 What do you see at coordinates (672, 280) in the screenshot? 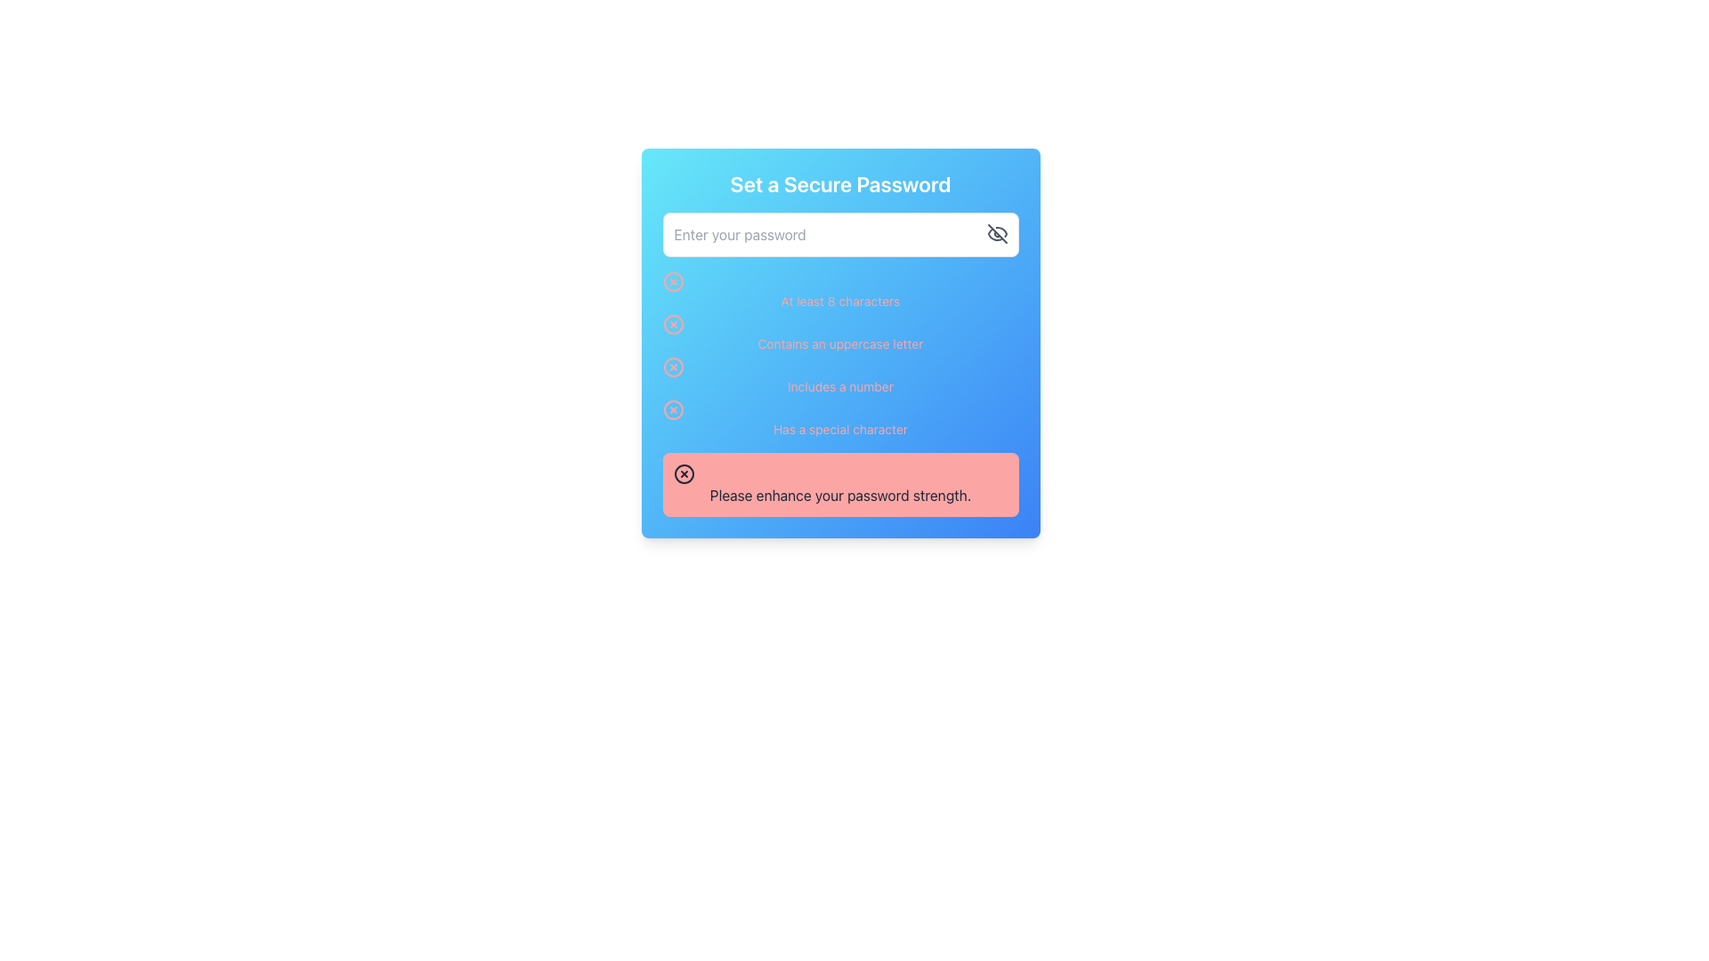
I see `the decorative SVG circle icon that indicates a failed condition, located to the left of the text line in the first position of a vertically aligned list` at bounding box center [672, 280].